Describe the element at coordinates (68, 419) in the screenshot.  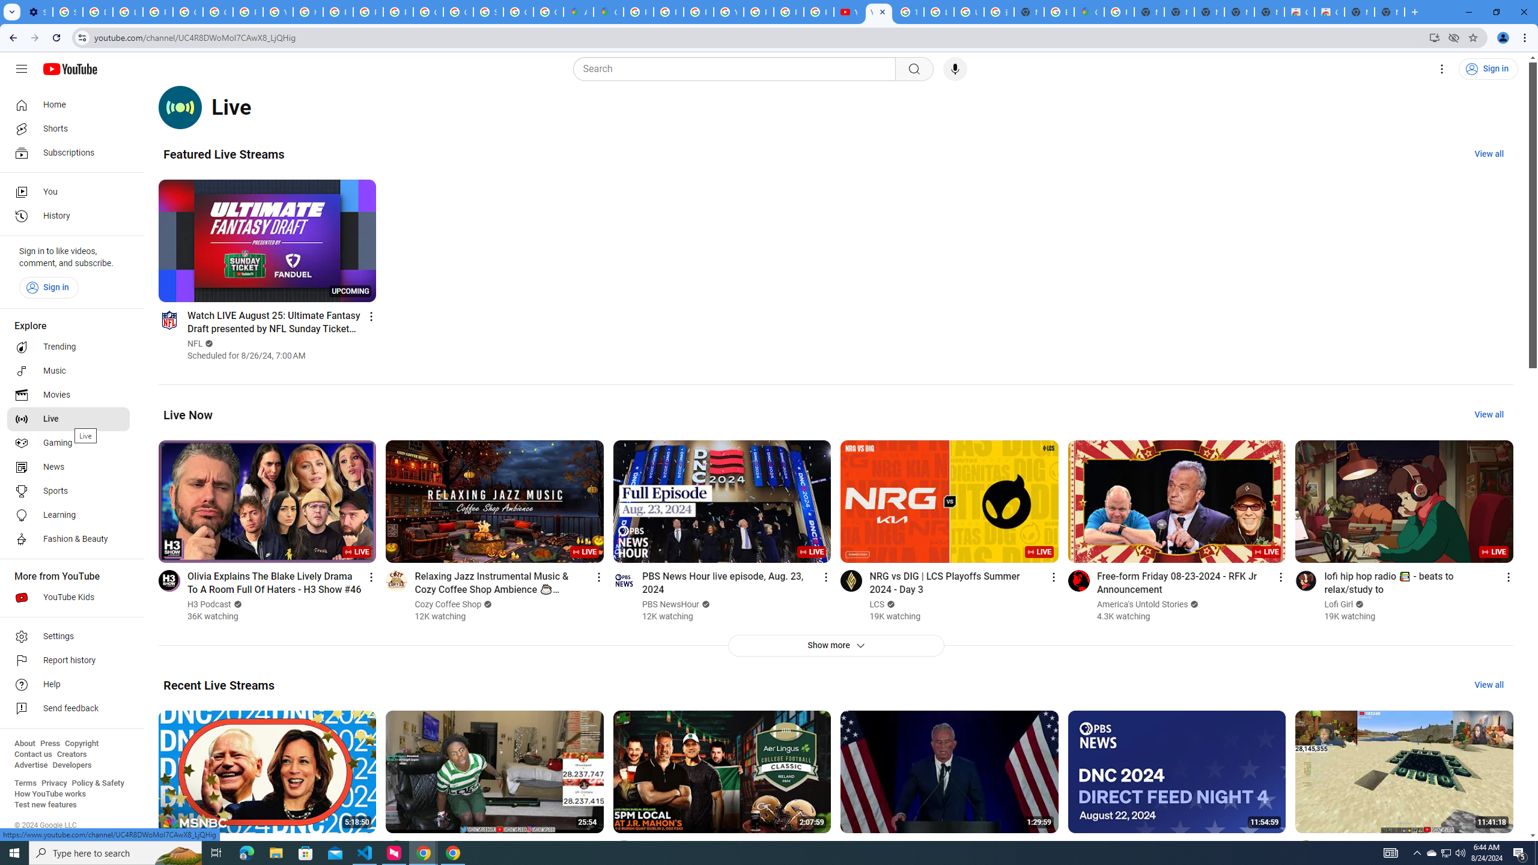
I see `'Live'` at that location.